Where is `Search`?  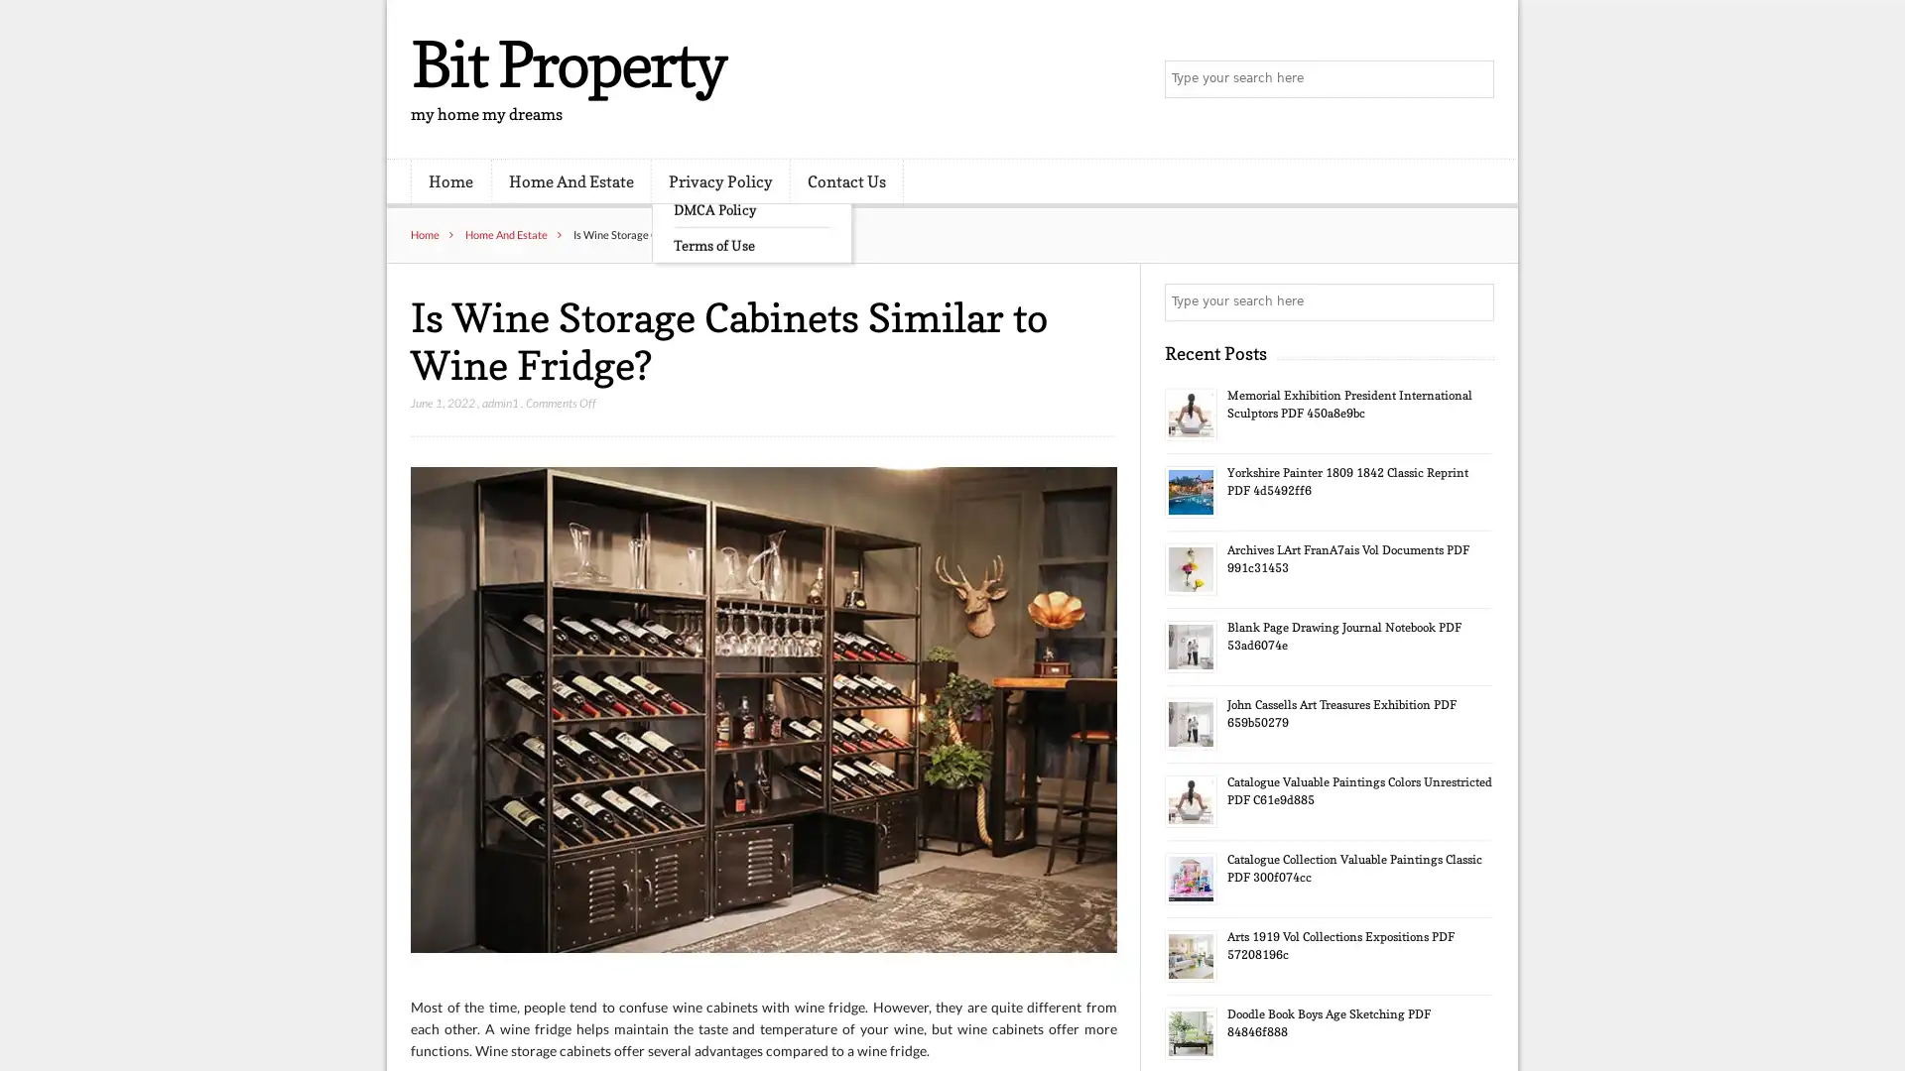 Search is located at coordinates (1473, 79).